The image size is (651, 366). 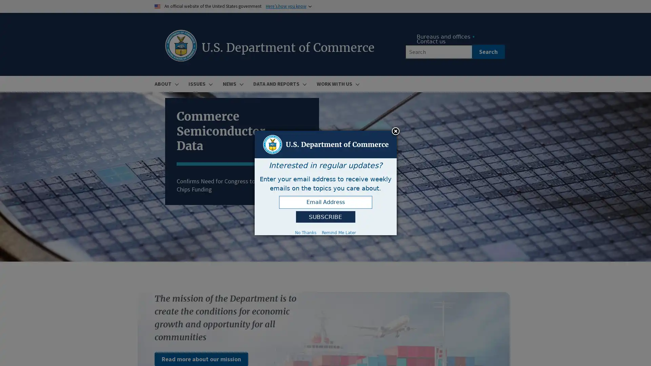 I want to click on Search, so click(x=488, y=52).